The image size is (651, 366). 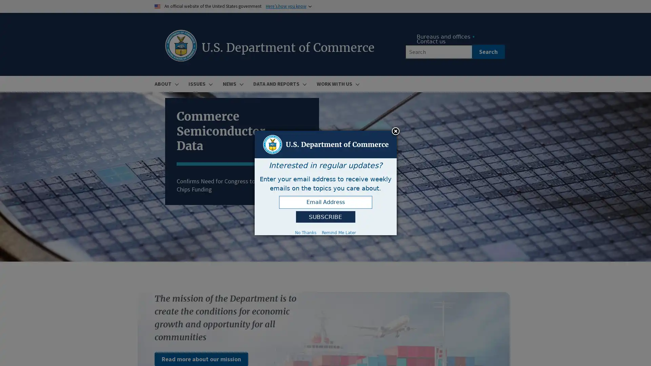 I want to click on Search, so click(x=488, y=52).